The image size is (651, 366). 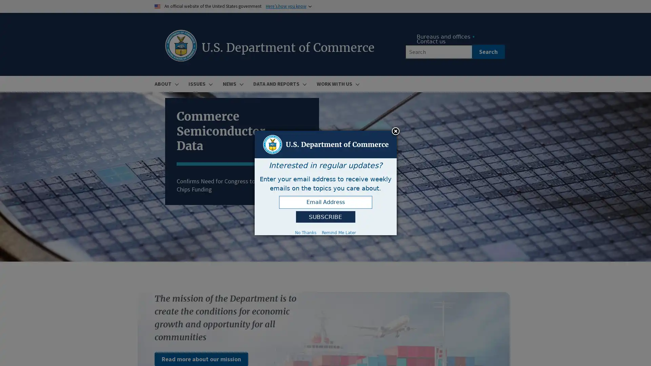 I want to click on Search, so click(x=488, y=52).